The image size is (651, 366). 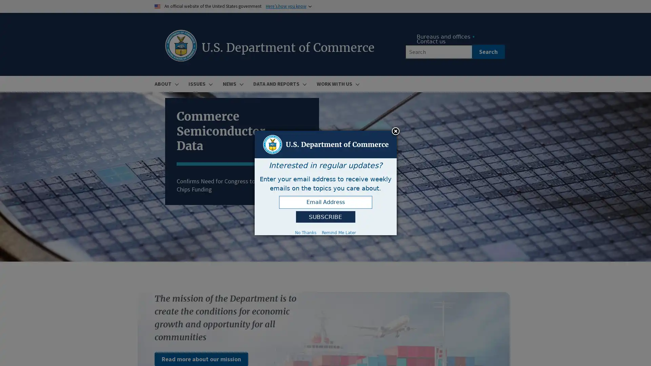 I want to click on Search, so click(x=488, y=52).